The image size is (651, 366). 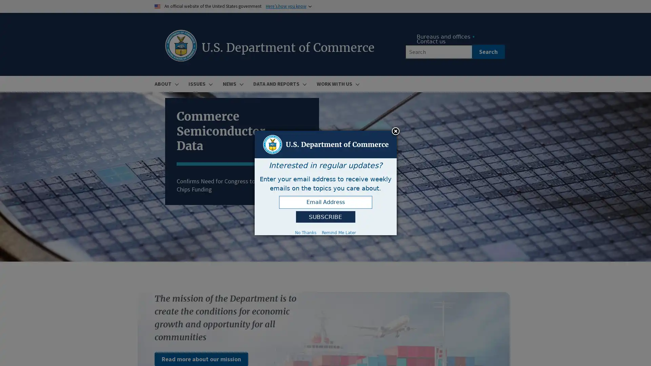 I want to click on Search, so click(x=488, y=52).